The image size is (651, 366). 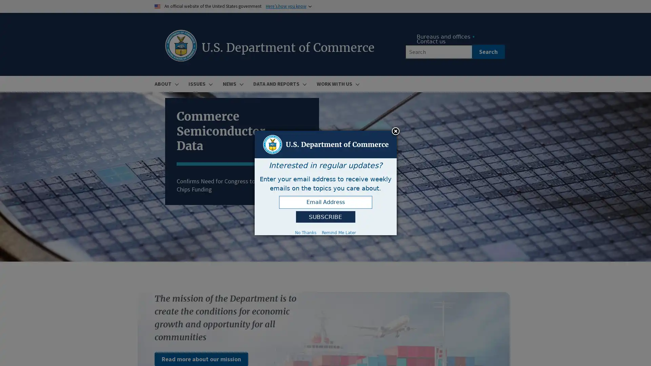 I want to click on Search, so click(x=488, y=52).